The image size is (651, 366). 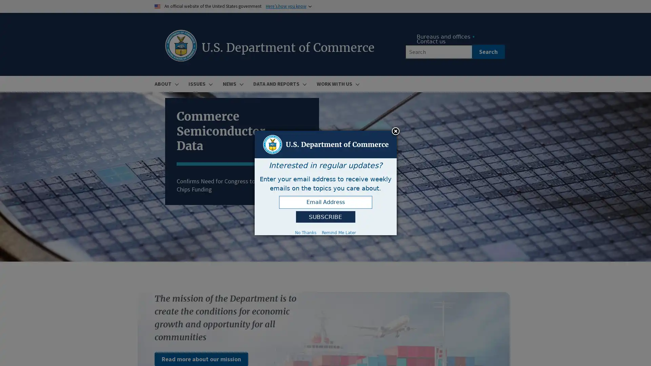 I want to click on Search, so click(x=488, y=52).